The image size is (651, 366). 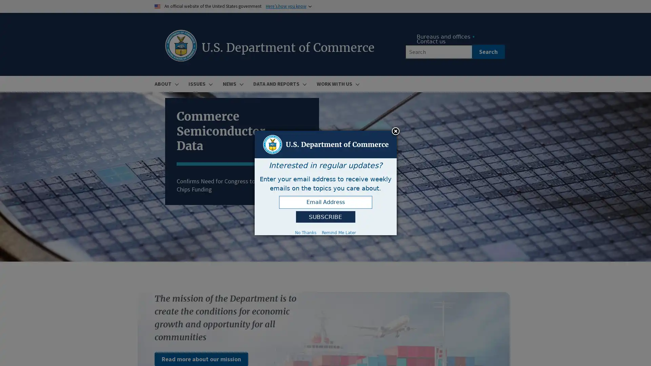 I want to click on Search, so click(x=488, y=52).